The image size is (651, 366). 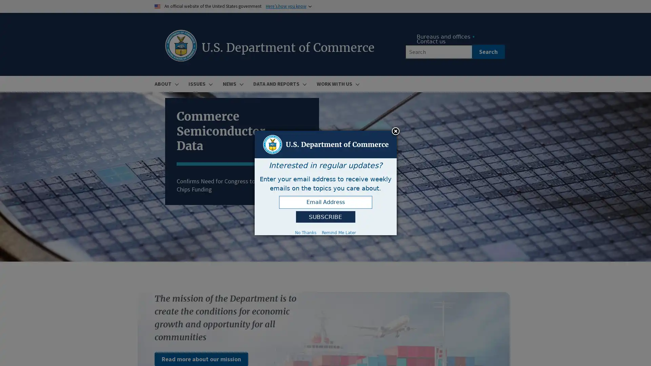 I want to click on Search, so click(x=488, y=52).